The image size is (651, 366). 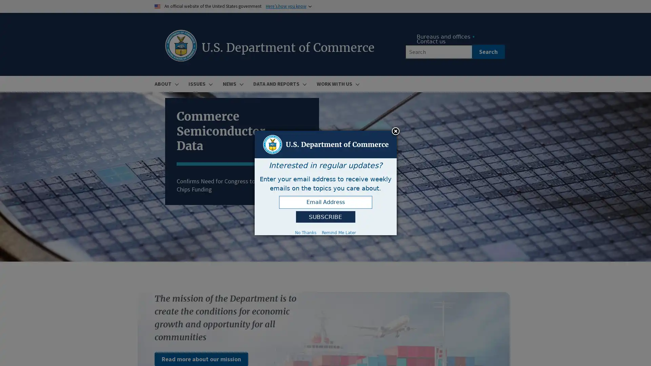 I want to click on Search, so click(x=488, y=52).